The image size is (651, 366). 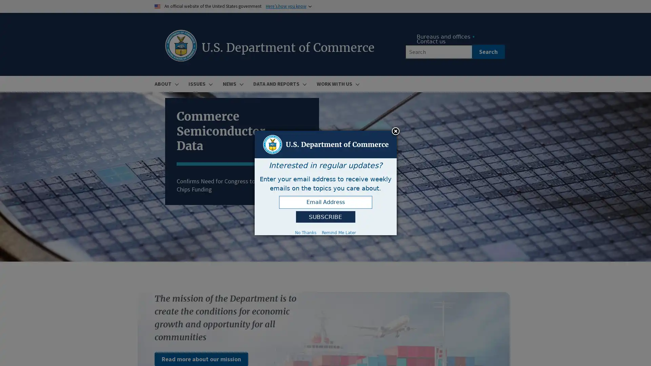 I want to click on Search, so click(x=488, y=52).